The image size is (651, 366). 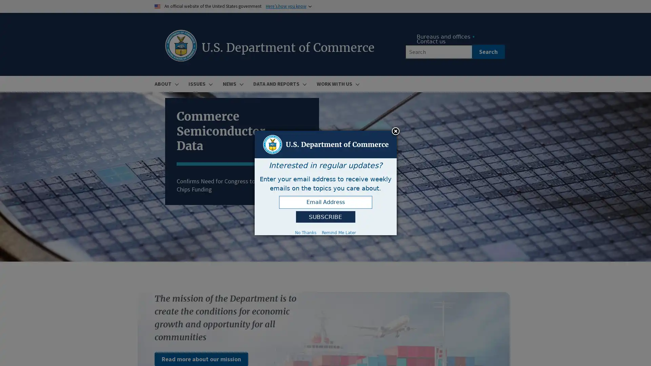 I want to click on Search, so click(x=488, y=52).